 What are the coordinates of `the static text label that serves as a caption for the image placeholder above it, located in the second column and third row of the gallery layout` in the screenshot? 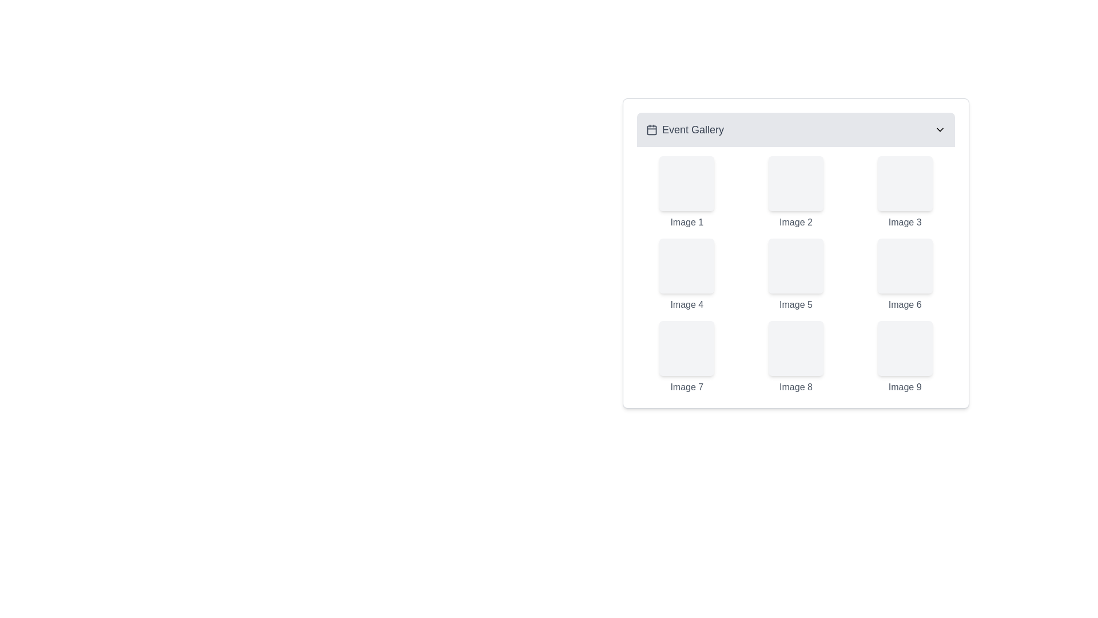 It's located at (904, 304).